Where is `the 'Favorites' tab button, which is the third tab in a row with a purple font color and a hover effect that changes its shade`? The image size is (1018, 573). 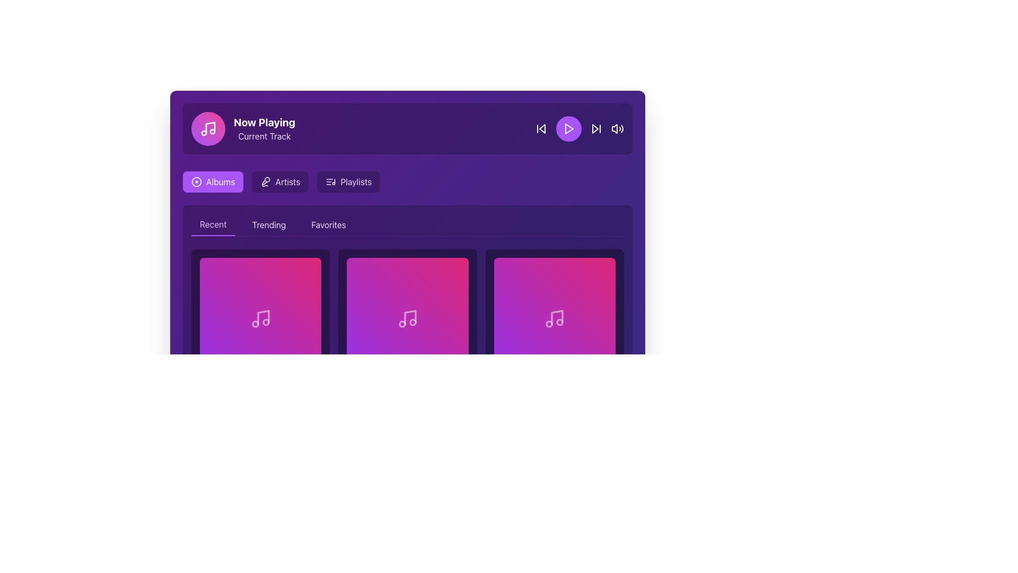 the 'Favorites' tab button, which is the third tab in a row with a purple font color and a hover effect that changes its shade is located at coordinates (328, 224).